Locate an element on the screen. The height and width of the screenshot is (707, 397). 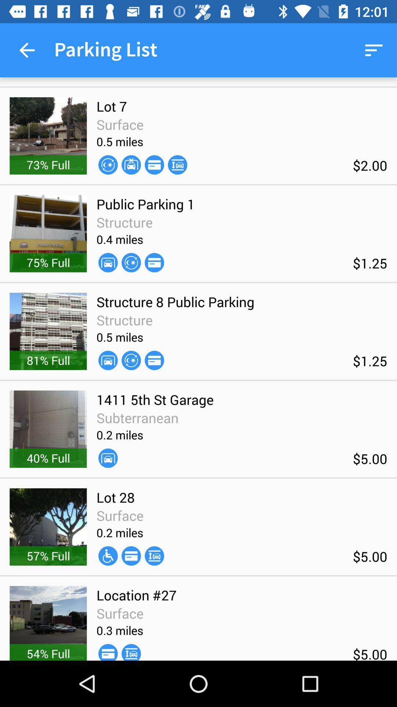
the icon to the left of the parking list is located at coordinates (26, 50).